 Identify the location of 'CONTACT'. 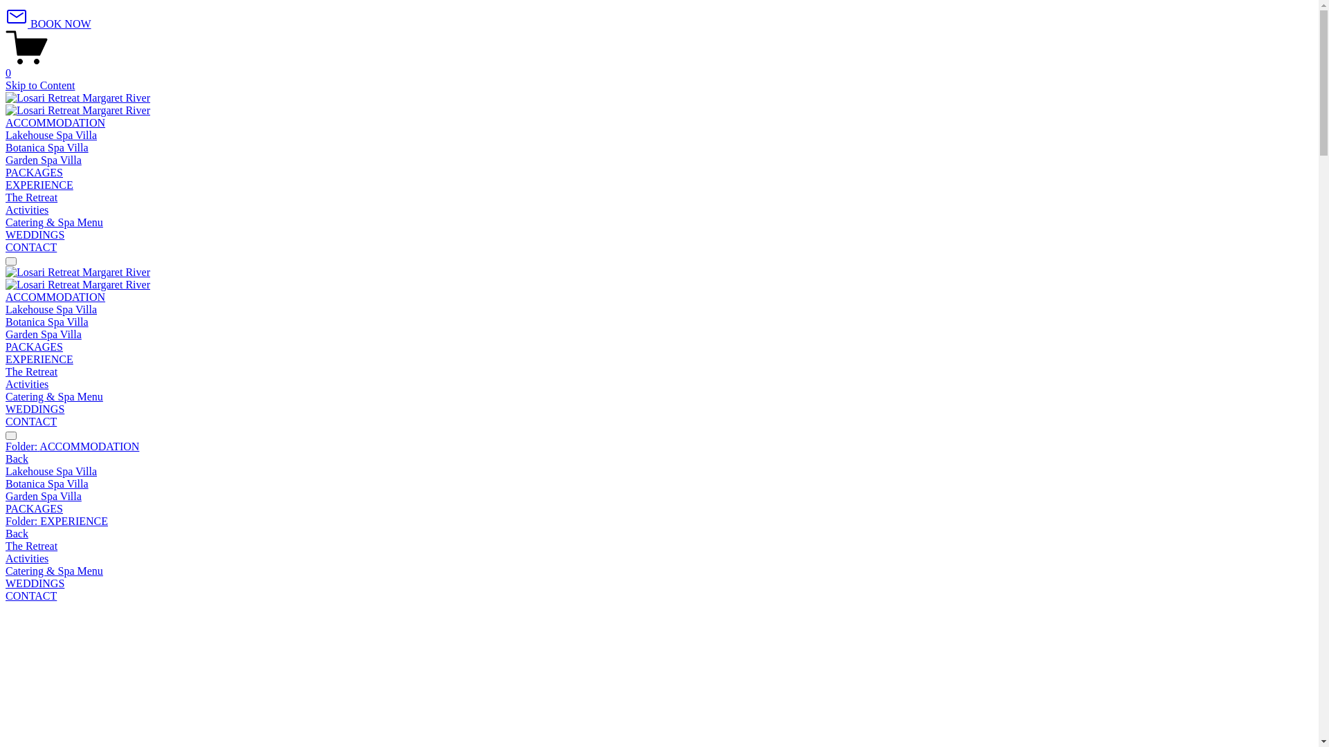
(30, 421).